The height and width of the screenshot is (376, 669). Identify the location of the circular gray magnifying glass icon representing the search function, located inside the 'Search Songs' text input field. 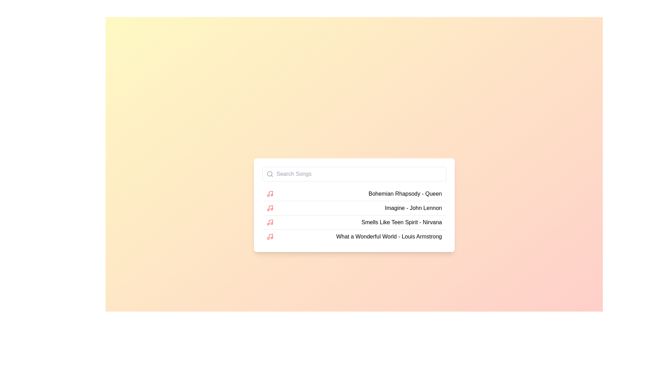
(269, 173).